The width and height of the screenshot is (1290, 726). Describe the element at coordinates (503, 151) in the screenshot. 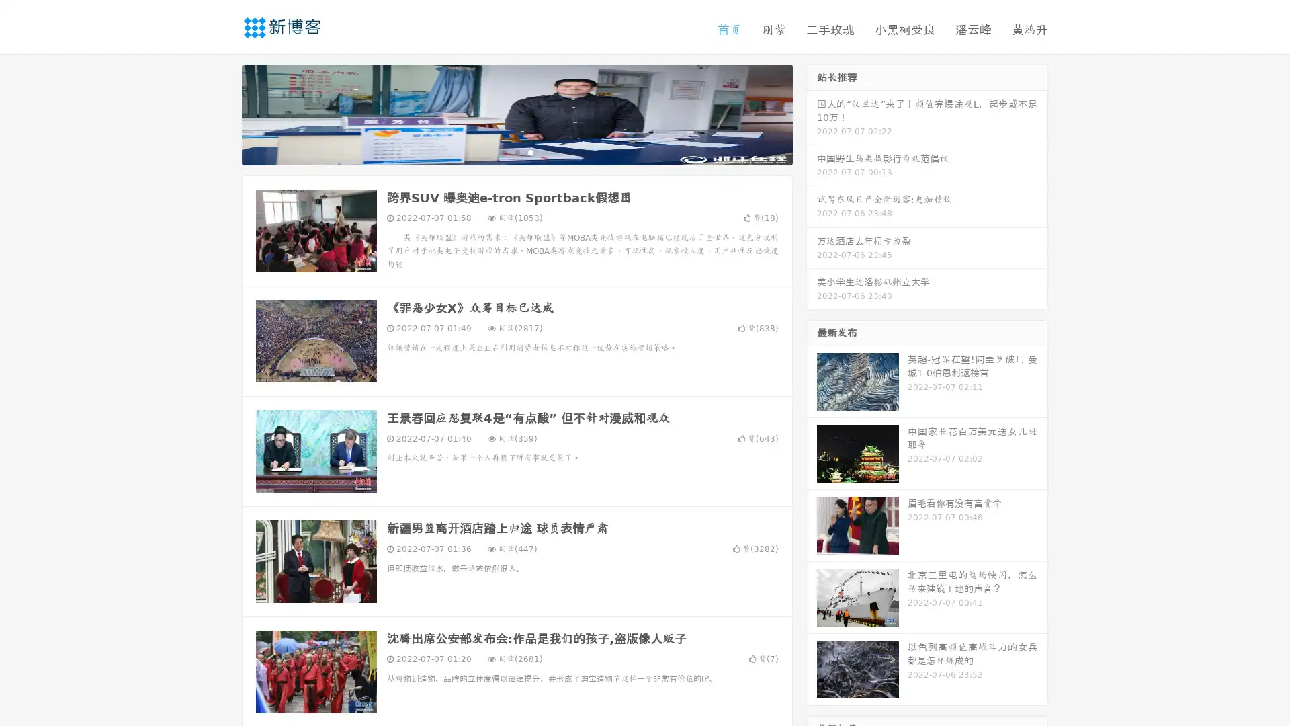

I see `Go to slide 1` at that location.